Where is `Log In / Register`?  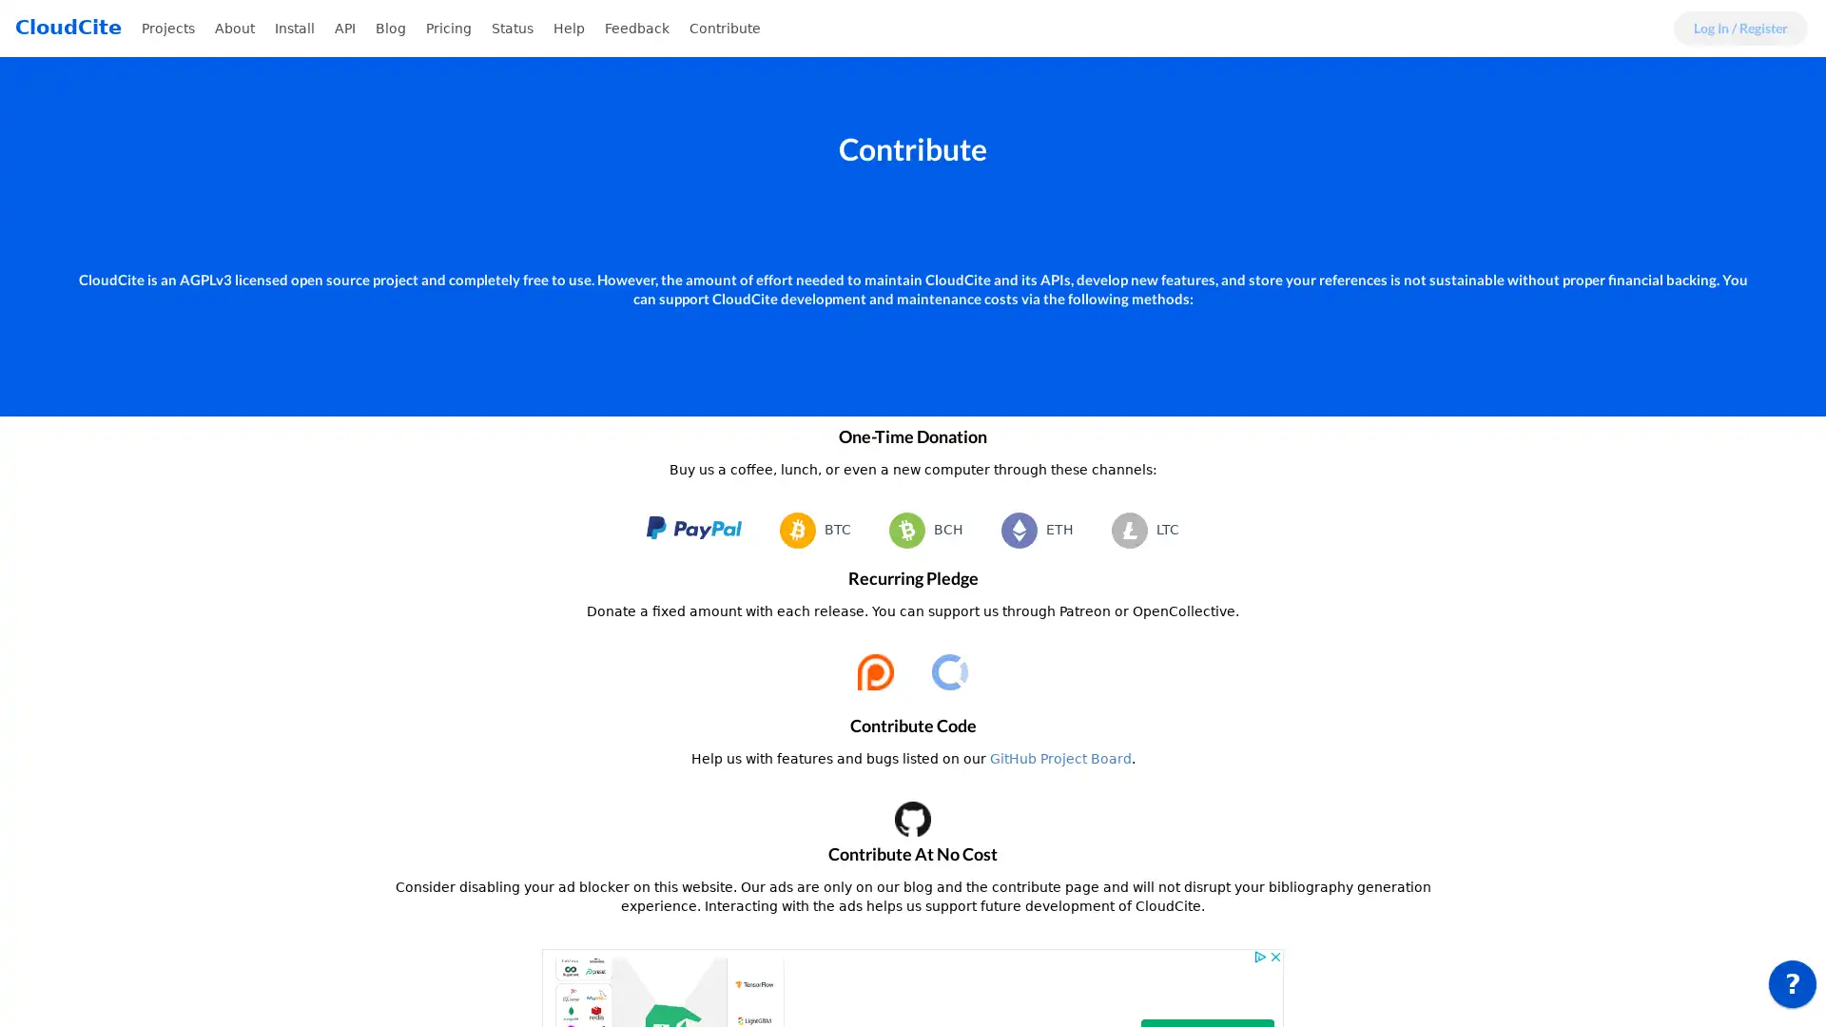 Log In / Register is located at coordinates (1740, 29).